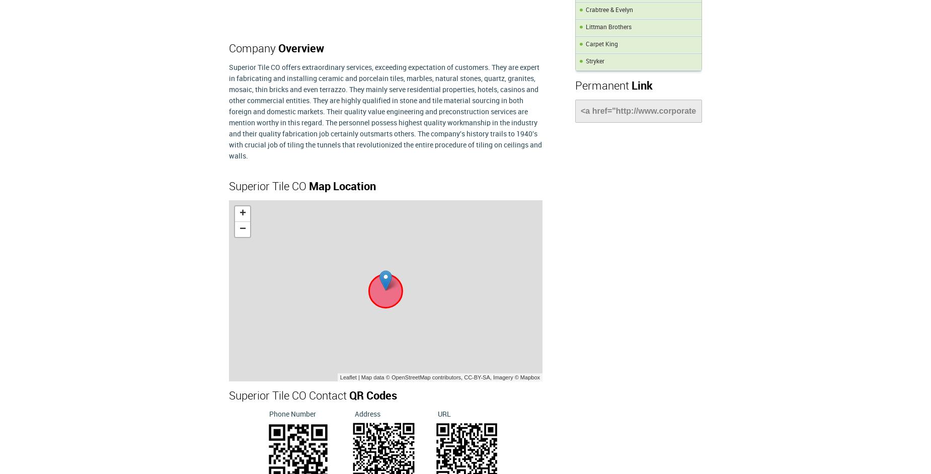  I want to click on 'Address', so click(367, 414).